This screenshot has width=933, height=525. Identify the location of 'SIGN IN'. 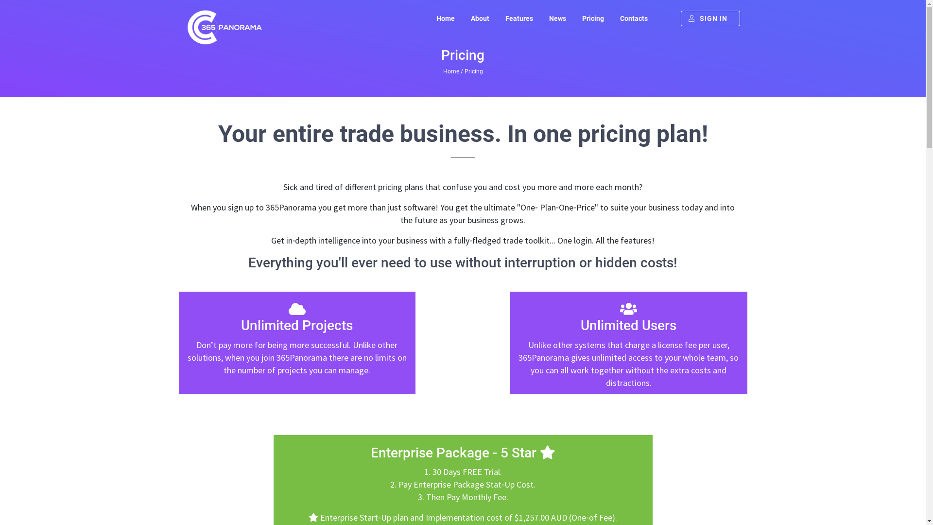
(709, 18).